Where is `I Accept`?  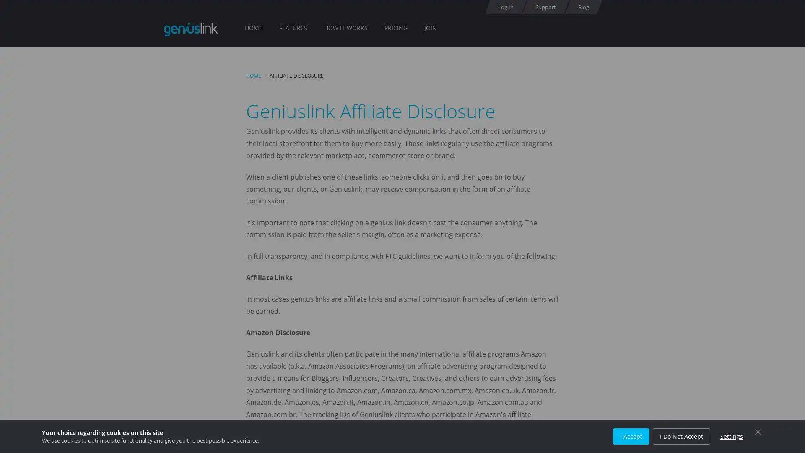 I Accept is located at coordinates (631, 436).